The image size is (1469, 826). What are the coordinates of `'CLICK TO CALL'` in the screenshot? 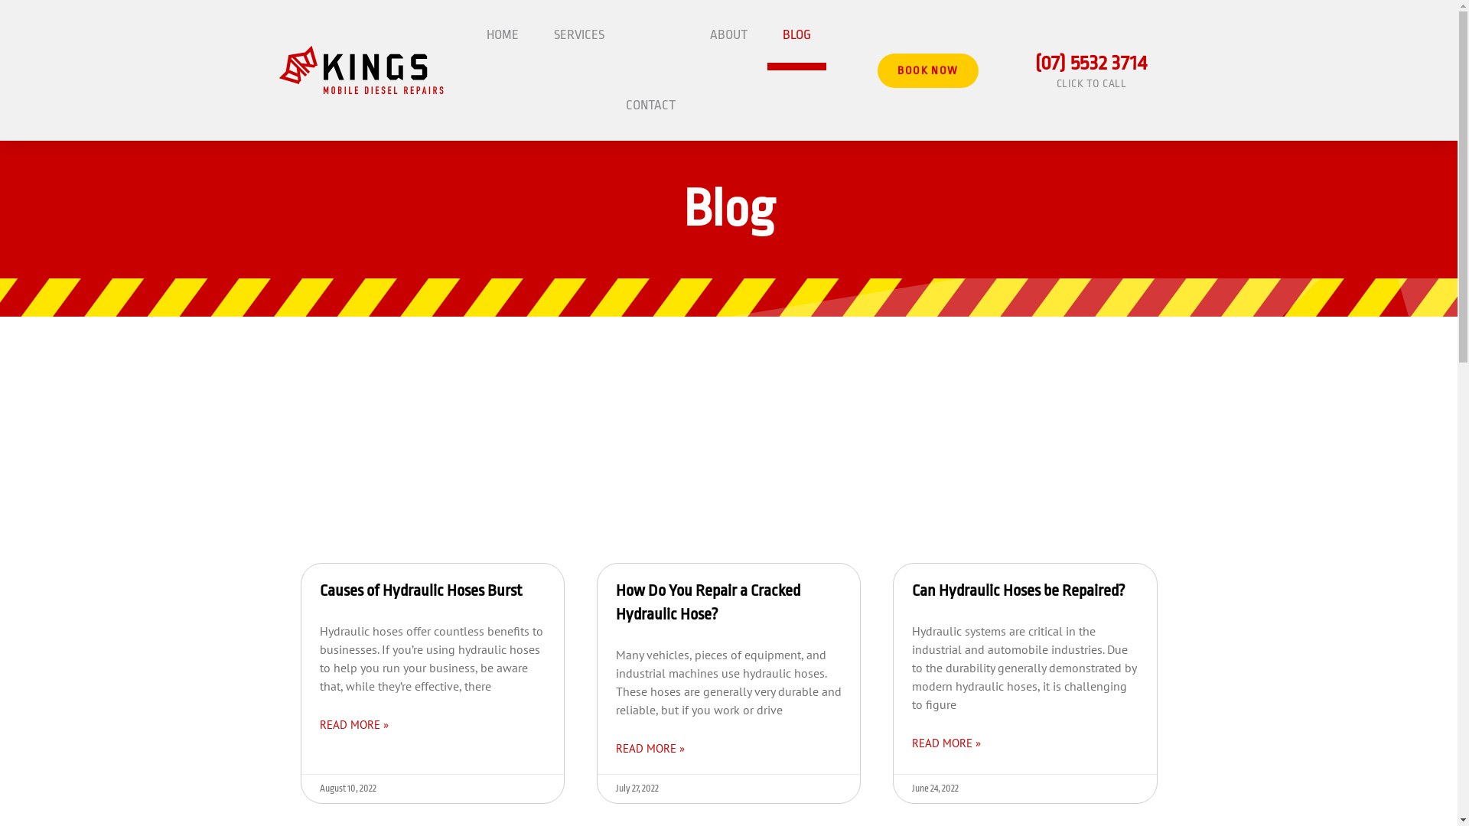 It's located at (1056, 83).